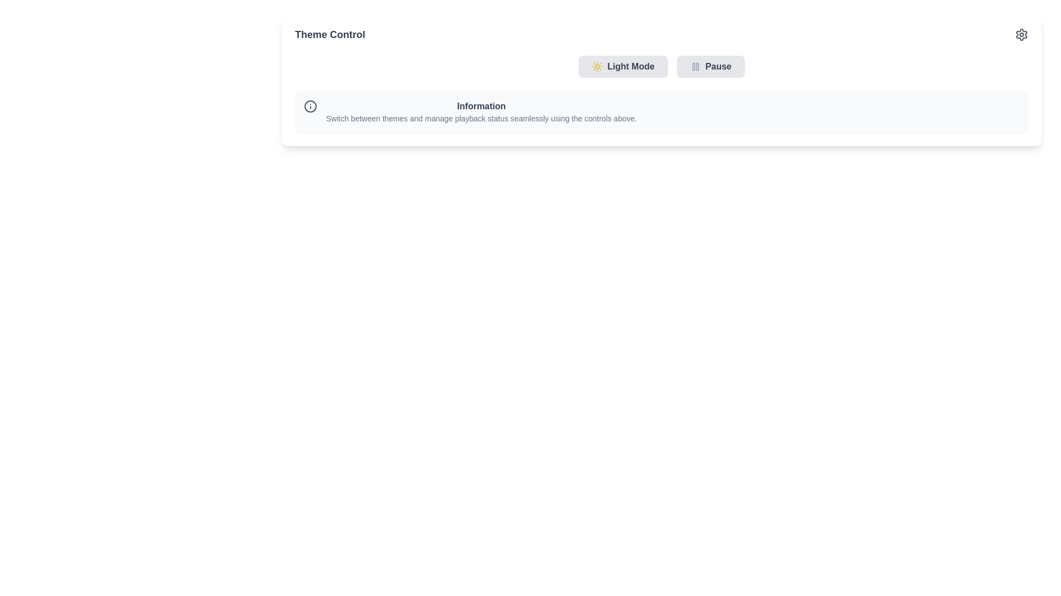 This screenshot has height=596, width=1061. What do you see at coordinates (309, 106) in the screenshot?
I see `the information icon, which is a circular gray icon with an 'i' symbol, located to the far left of the 'Information' panel` at bounding box center [309, 106].